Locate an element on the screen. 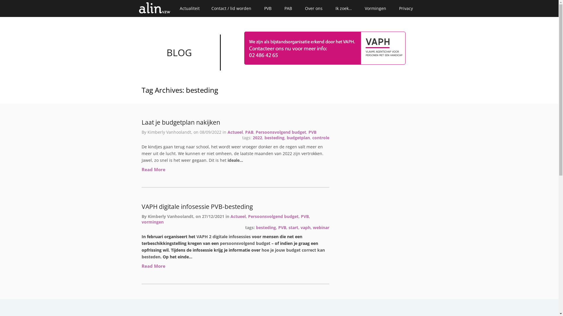  'Persoonsvolgend budget' is located at coordinates (273, 216).